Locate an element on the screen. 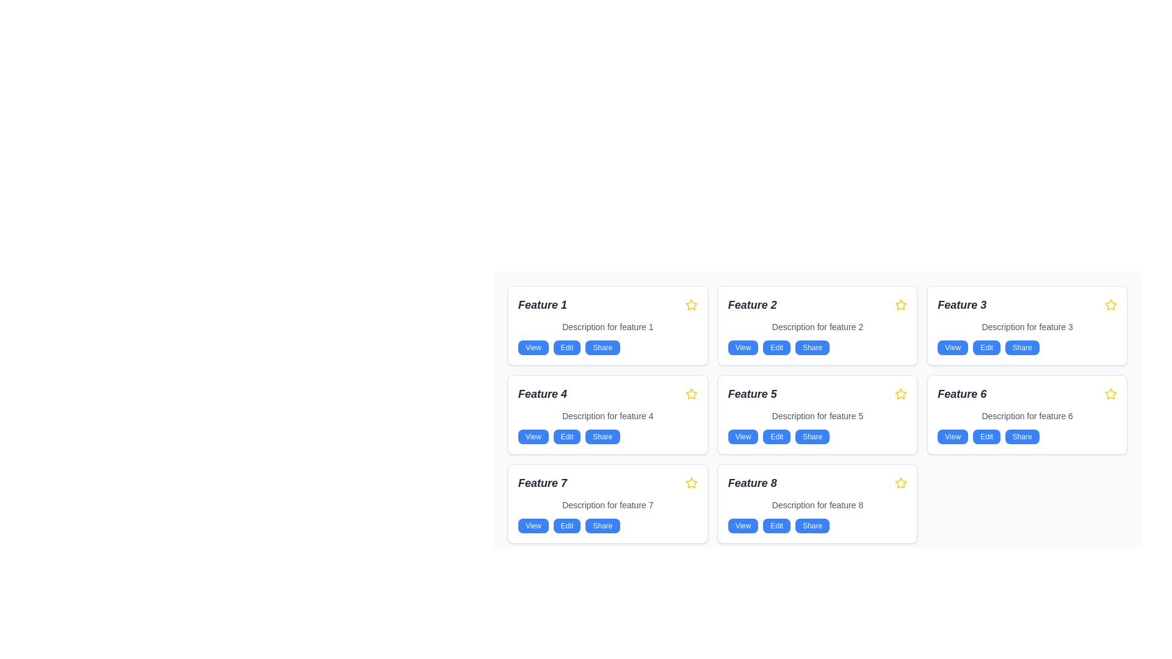 Image resolution: width=1172 pixels, height=659 pixels. the star-shaped yellow icon in the 'Feature 3' section is located at coordinates (1110, 304).